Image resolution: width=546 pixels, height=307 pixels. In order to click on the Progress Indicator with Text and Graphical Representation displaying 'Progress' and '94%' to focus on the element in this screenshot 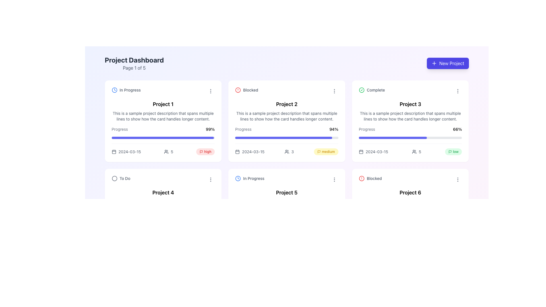, I will do `click(287, 141)`.